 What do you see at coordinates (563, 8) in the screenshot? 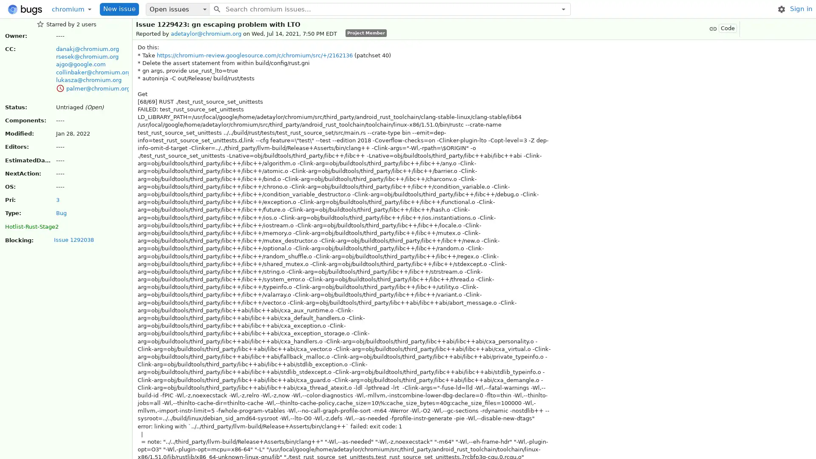
I see `Search options` at bounding box center [563, 8].